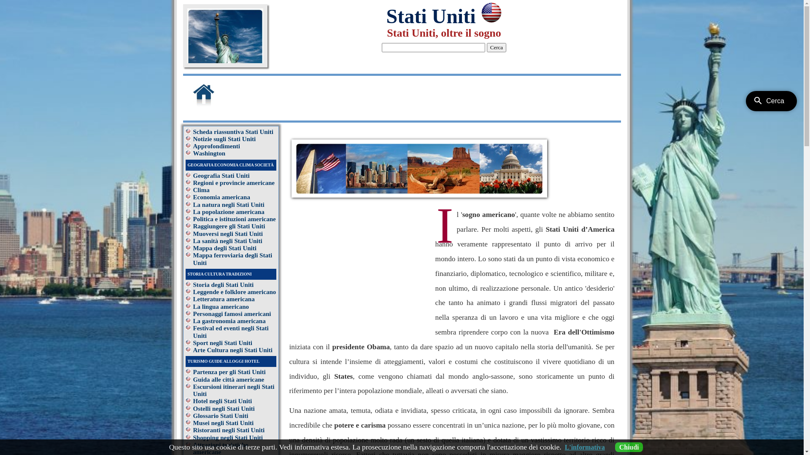 The image size is (810, 455). I want to click on 'Glossario Stati Uniti', so click(221, 415).